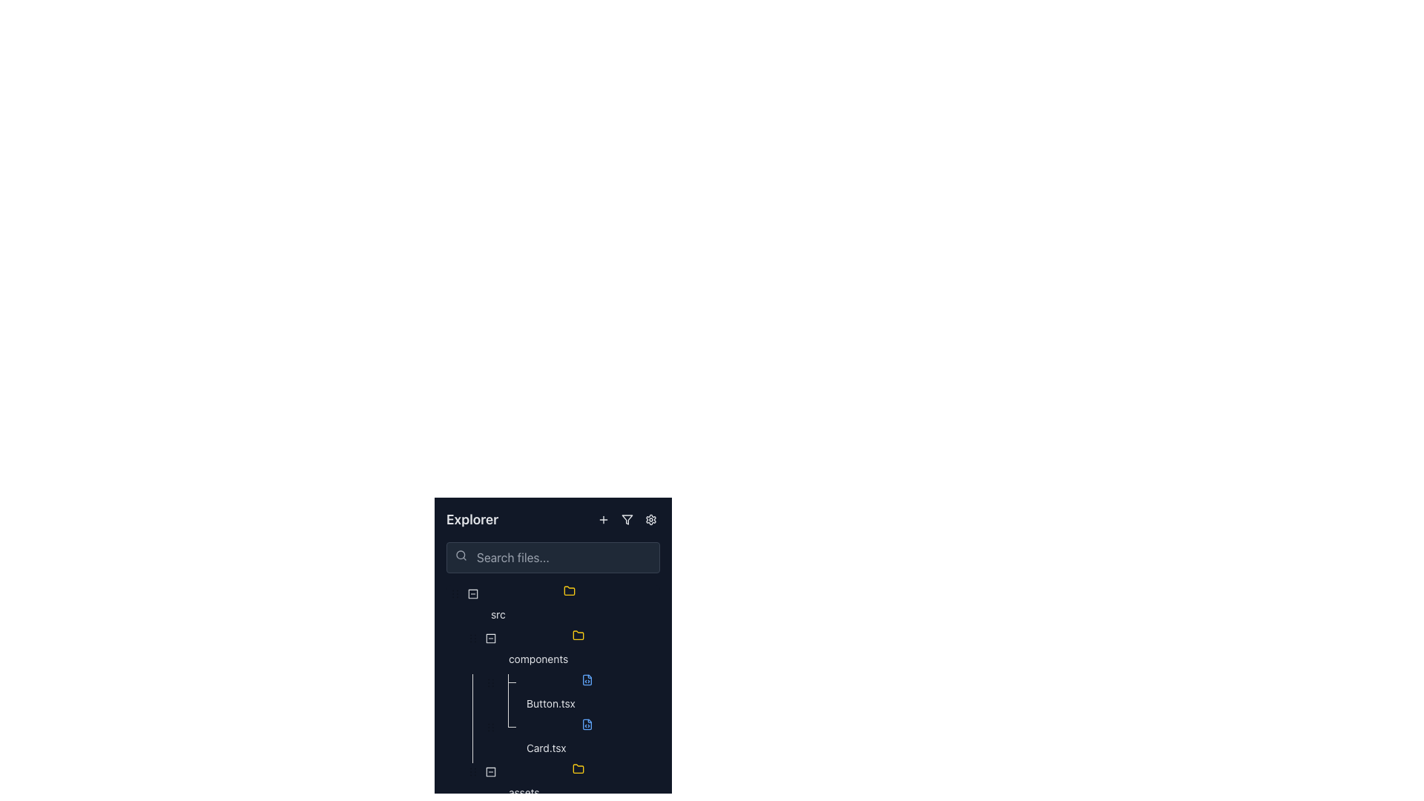 This screenshot has width=1424, height=801. Describe the element at coordinates (590, 695) in the screenshot. I see `the 'Button.tsx' file in the file explorer` at that location.